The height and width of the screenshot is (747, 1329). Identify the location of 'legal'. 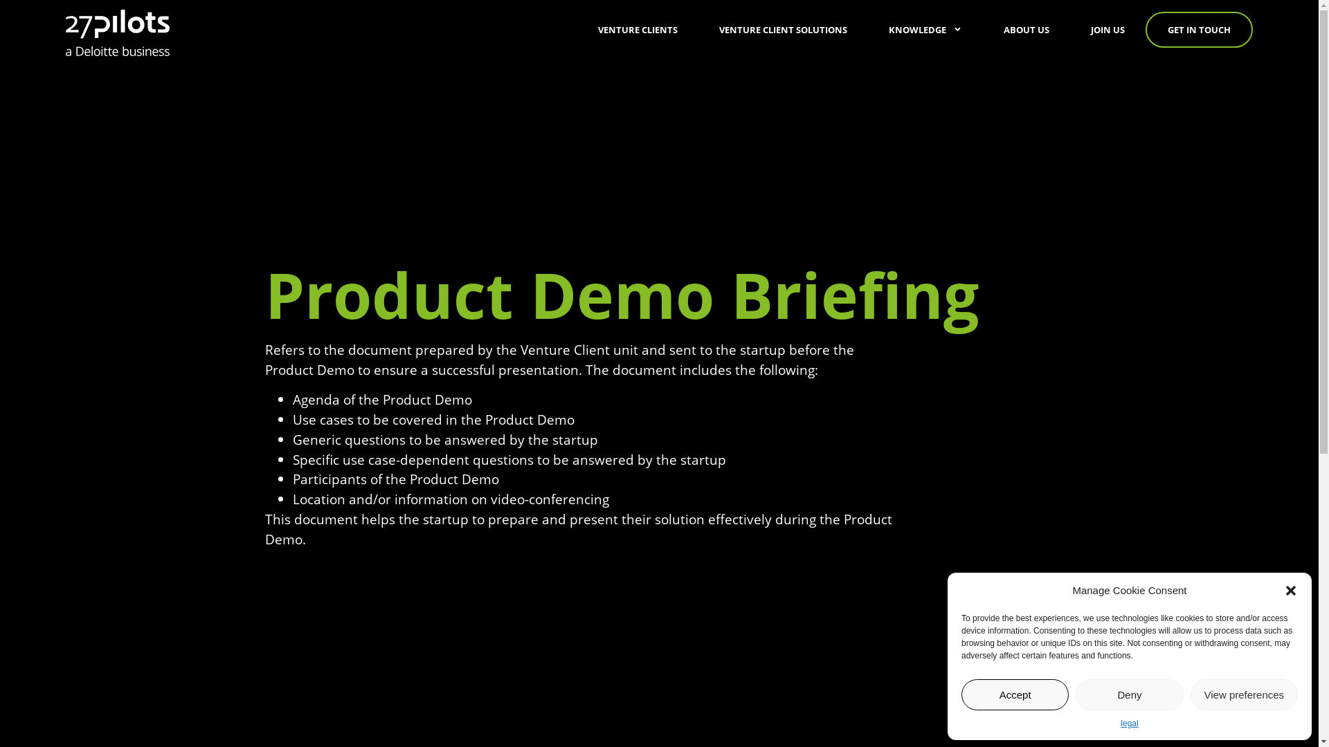
(1120, 722).